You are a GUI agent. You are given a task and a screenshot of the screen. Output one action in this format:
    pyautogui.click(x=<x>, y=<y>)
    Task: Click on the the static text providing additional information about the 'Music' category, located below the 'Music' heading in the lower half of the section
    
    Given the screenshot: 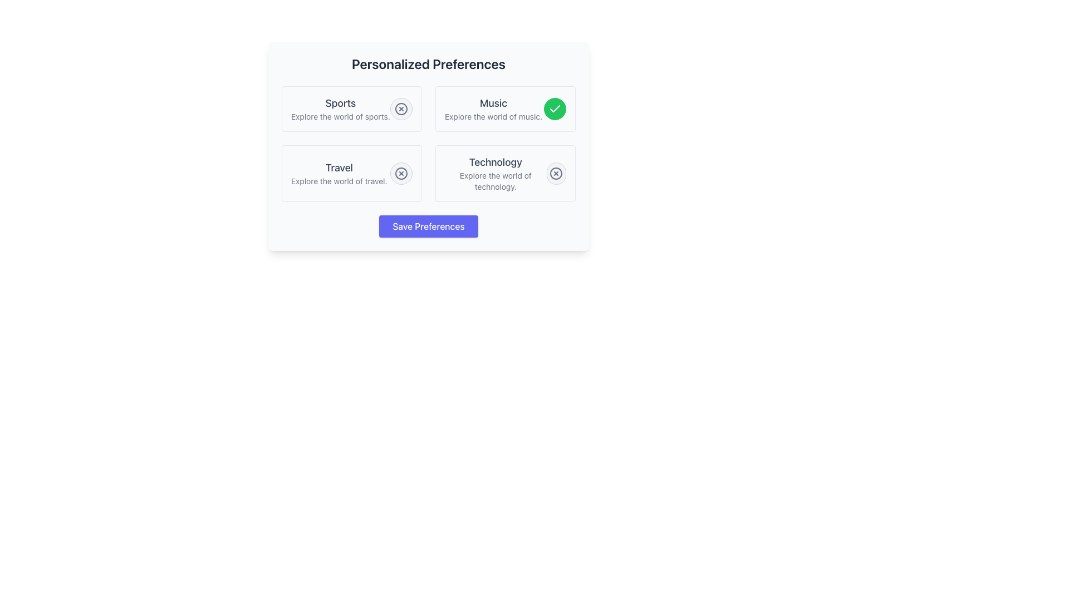 What is the action you would take?
    pyautogui.click(x=493, y=116)
    